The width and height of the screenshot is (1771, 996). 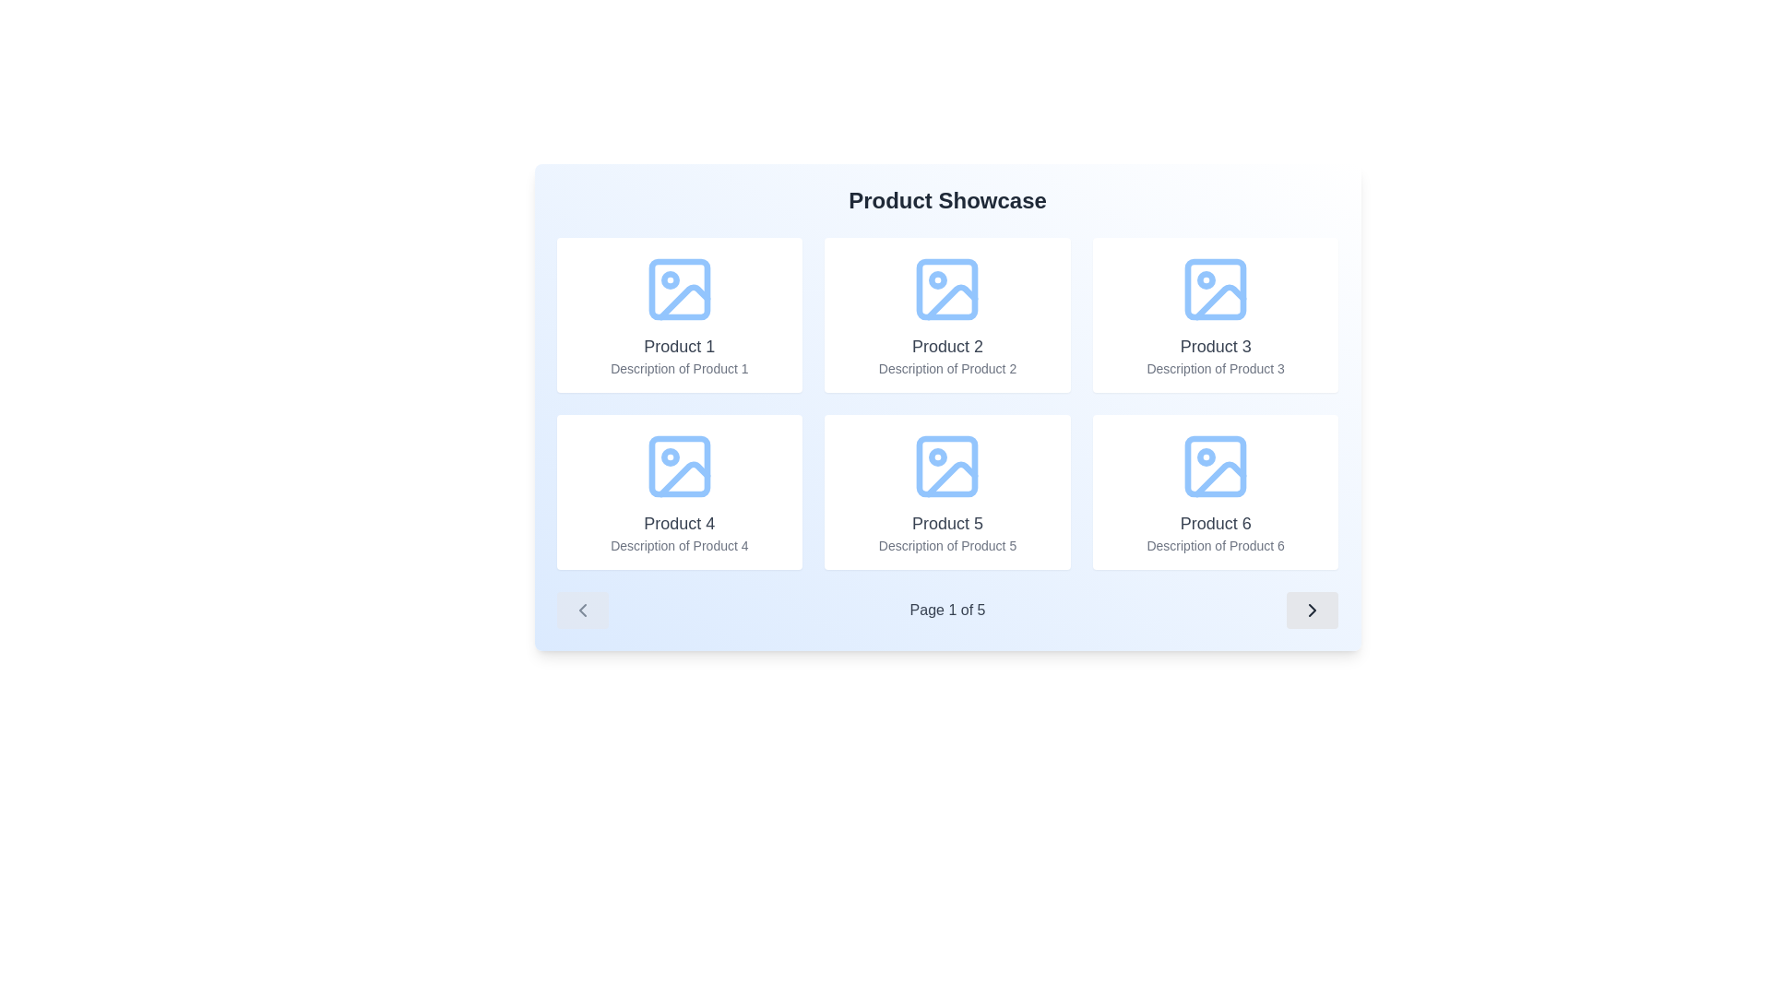 I want to click on the leftward-pointing chevron icon used for back navigation located on the far left side of the pagination section, so click(x=581, y=611).